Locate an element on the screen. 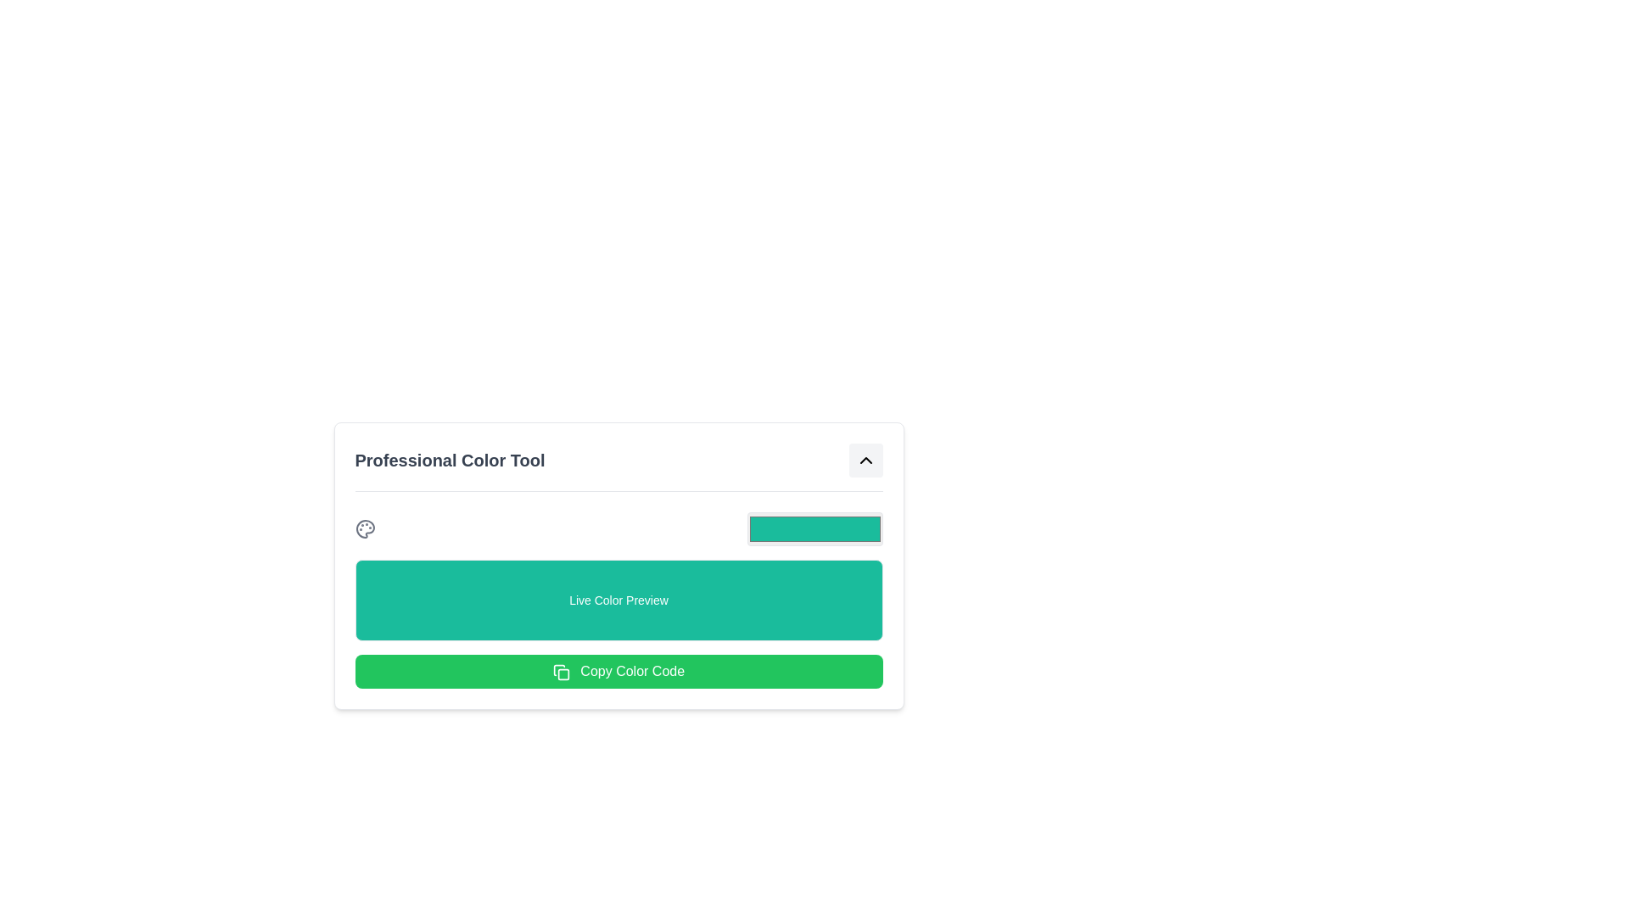 This screenshot has height=916, width=1629. the non-interactive label with the vibrant aqua-green background and white text reading 'Live Color Preview.' is located at coordinates (618, 600).